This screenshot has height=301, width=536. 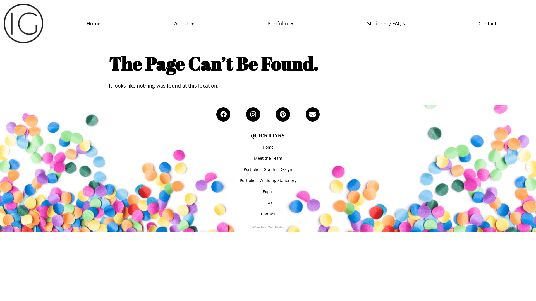 What do you see at coordinates (268, 191) in the screenshot?
I see `'Expos'` at bounding box center [268, 191].